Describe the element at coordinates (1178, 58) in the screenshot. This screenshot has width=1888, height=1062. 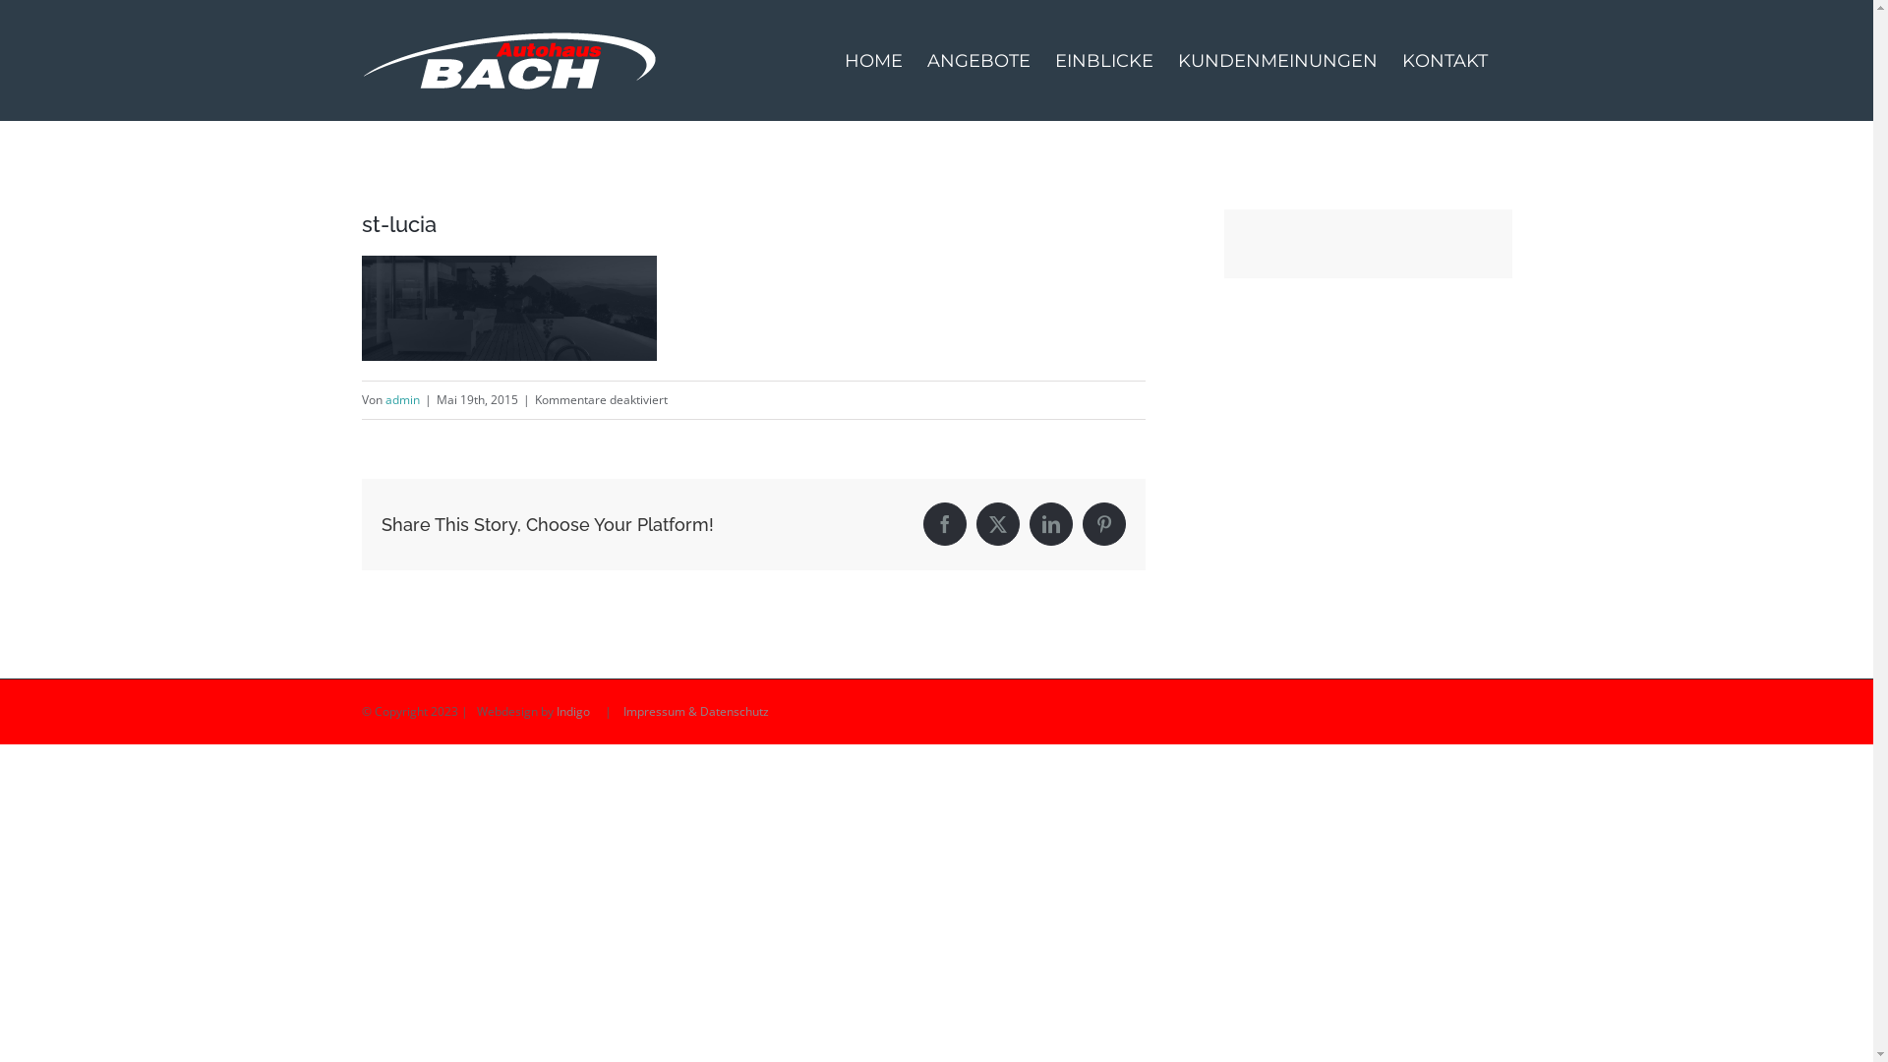
I see `'KUNDENMEINUNGEN'` at that location.